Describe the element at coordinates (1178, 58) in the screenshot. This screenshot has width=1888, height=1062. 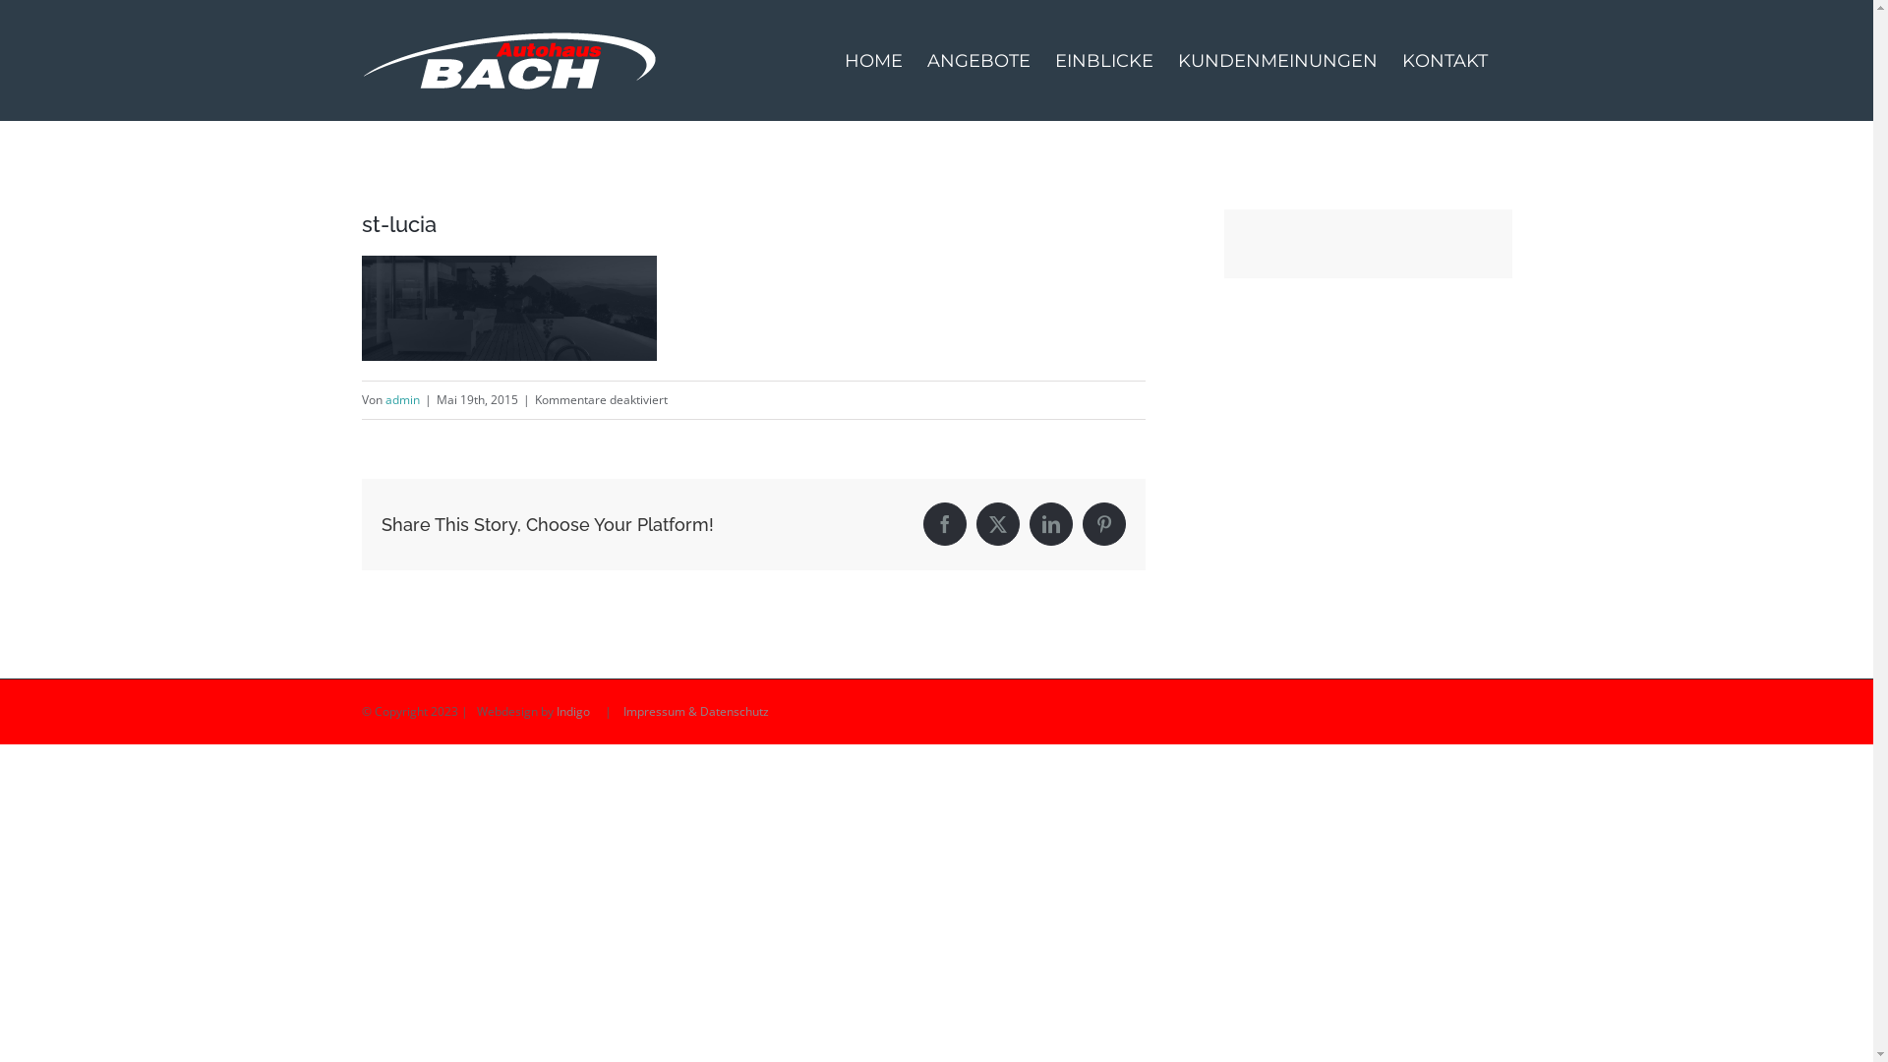
I see `'KUNDENMEINUNGEN'` at that location.